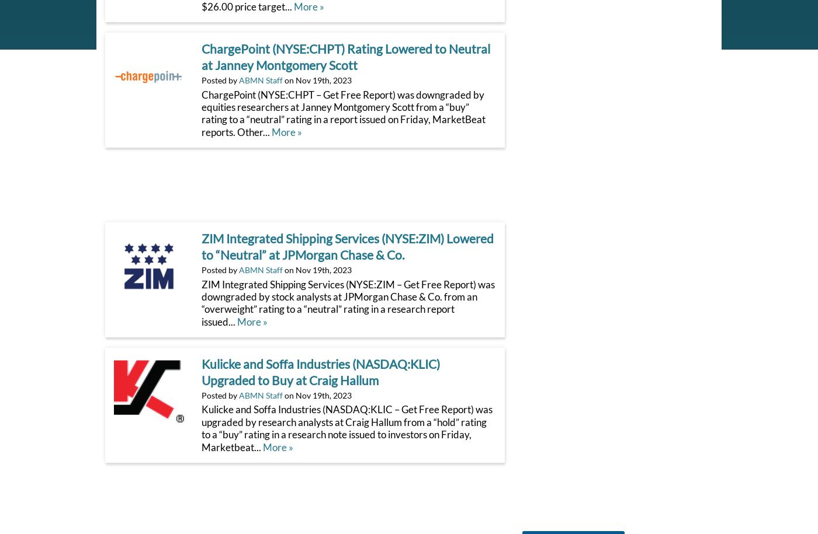 The width and height of the screenshot is (818, 534). I want to click on 'ZIM Integrated Shipping Services (NYSE:ZIM) Lowered to “Neutral” at JPMorgan Chase & Co.', so click(201, 247).